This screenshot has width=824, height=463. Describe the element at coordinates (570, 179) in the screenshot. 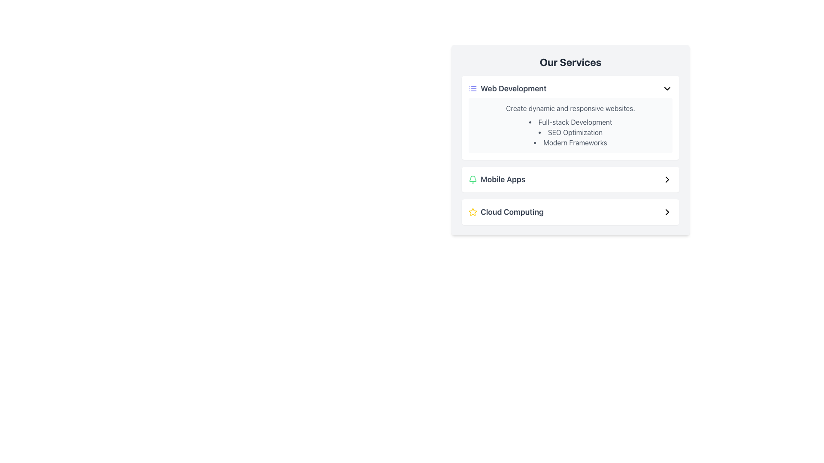

I see `the second list item labeled 'Mobile Apps' within the 'Our Services' panel` at that location.